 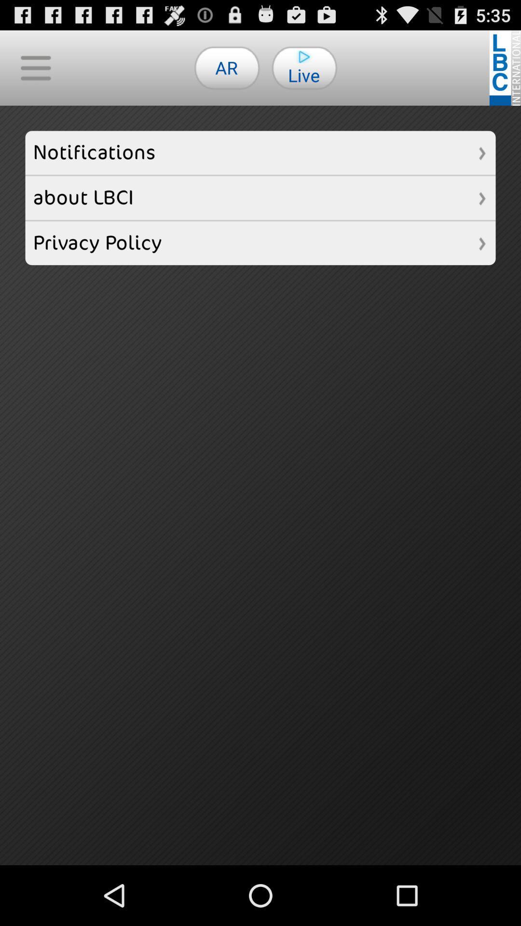 What do you see at coordinates (35, 67) in the screenshot?
I see `button above the notifications` at bounding box center [35, 67].